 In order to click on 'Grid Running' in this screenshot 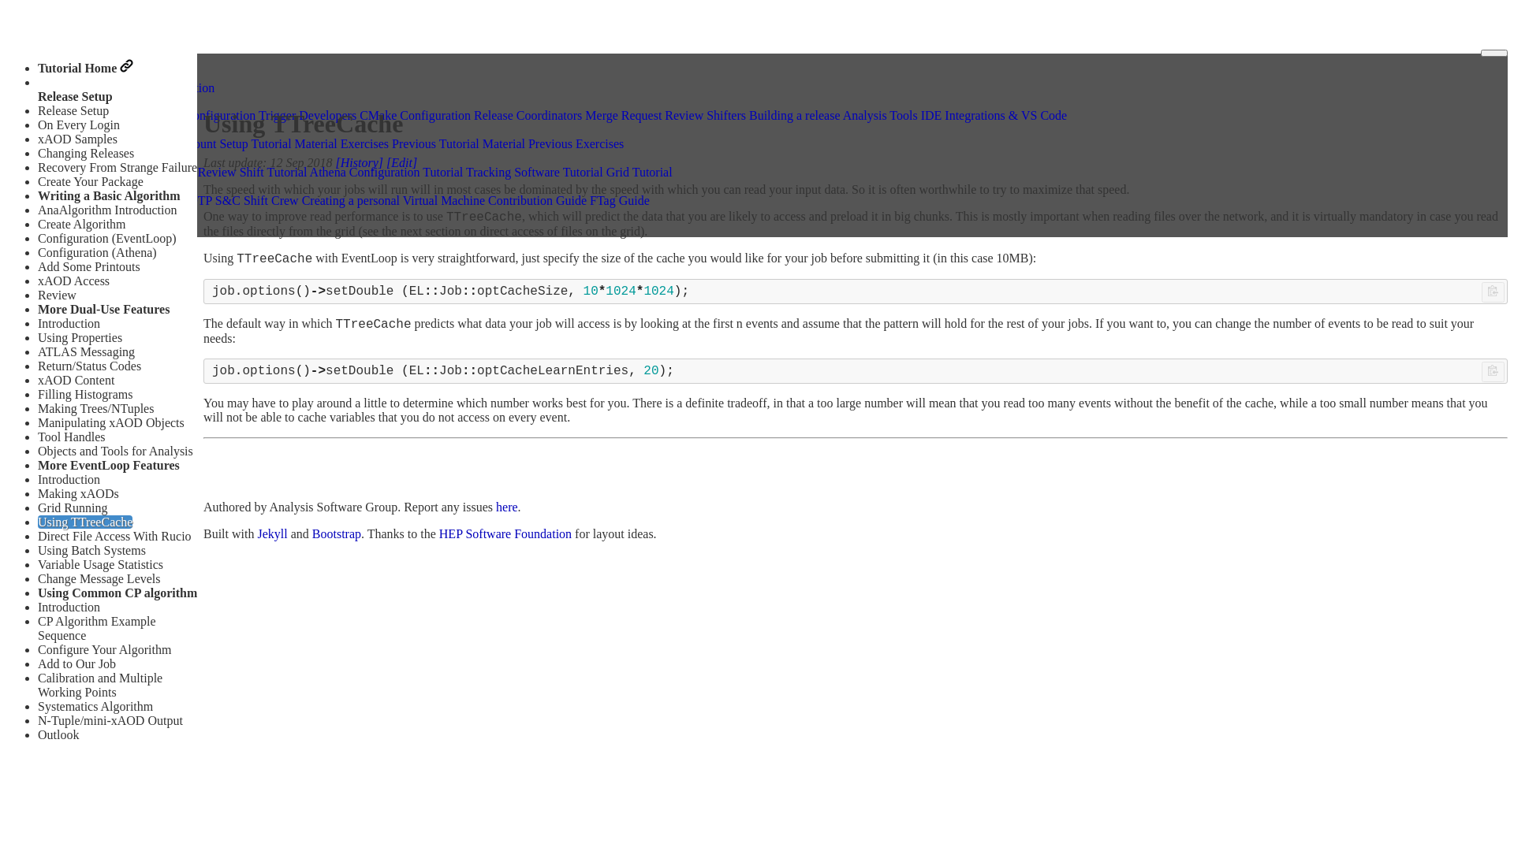, I will do `click(38, 507)`.